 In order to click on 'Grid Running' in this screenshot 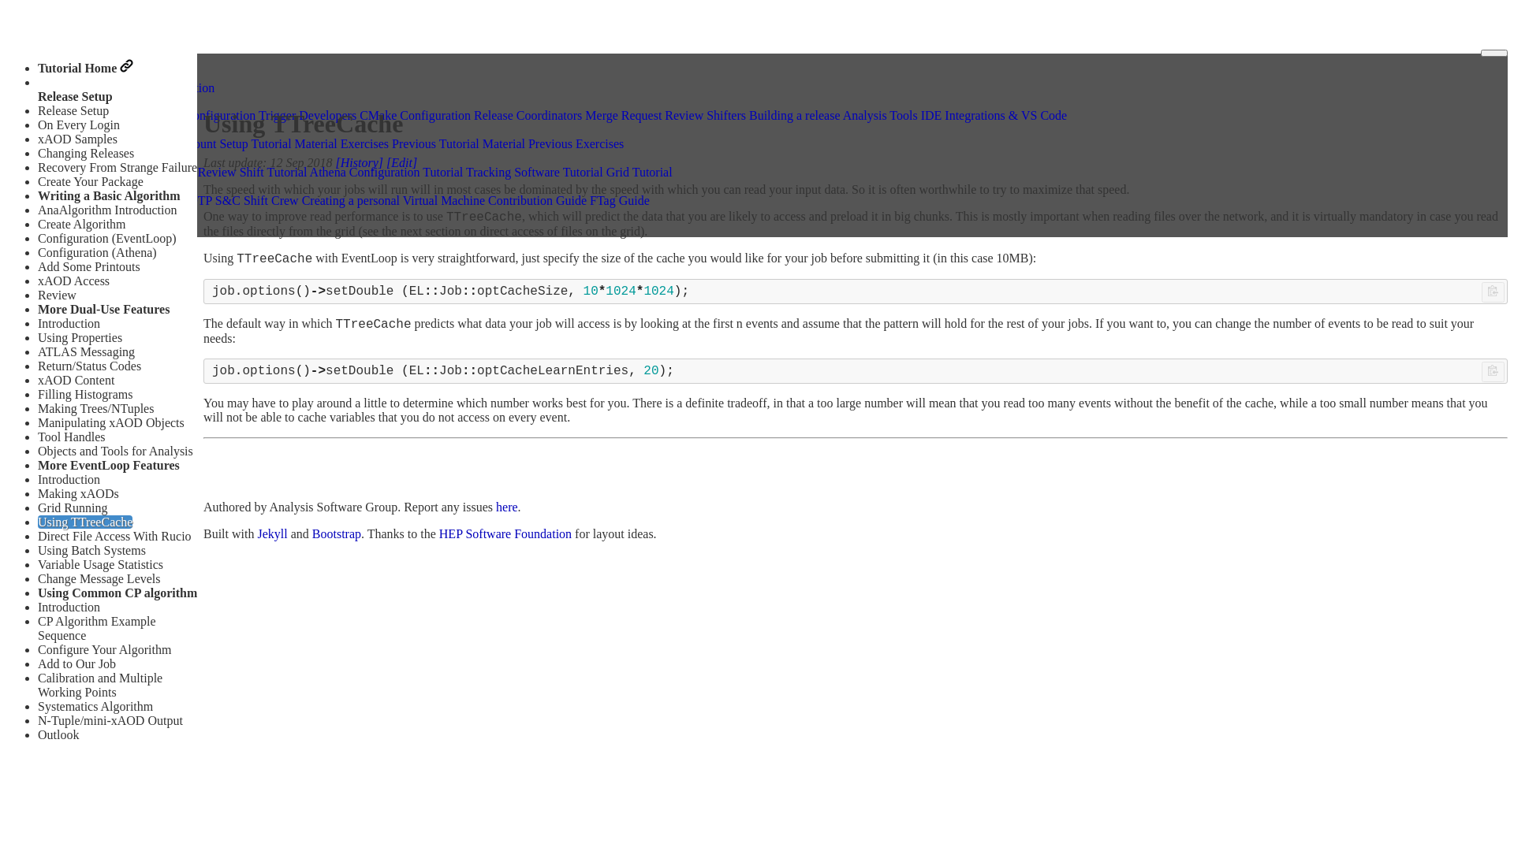, I will do `click(38, 507)`.